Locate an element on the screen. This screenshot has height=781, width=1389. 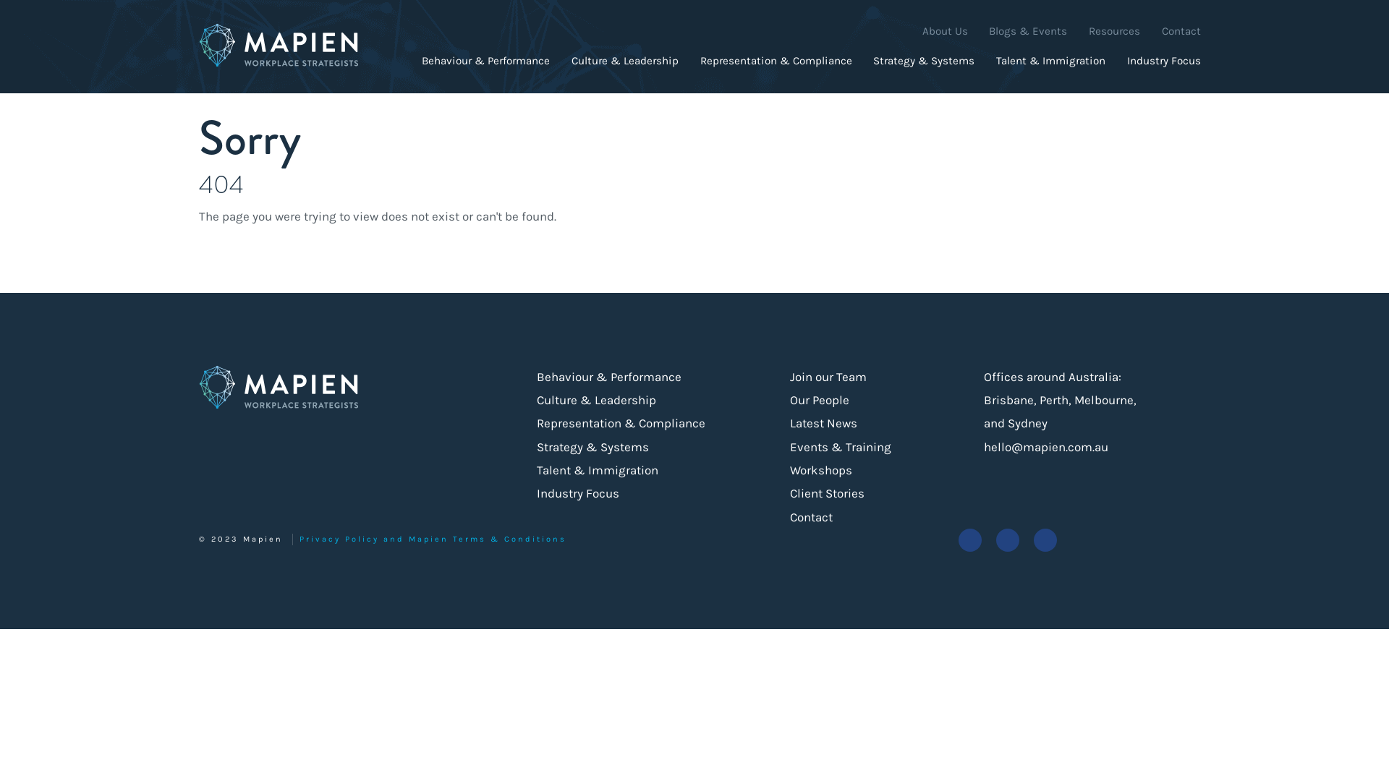
'hello@mapien.com.au' is located at coordinates (1045, 445).